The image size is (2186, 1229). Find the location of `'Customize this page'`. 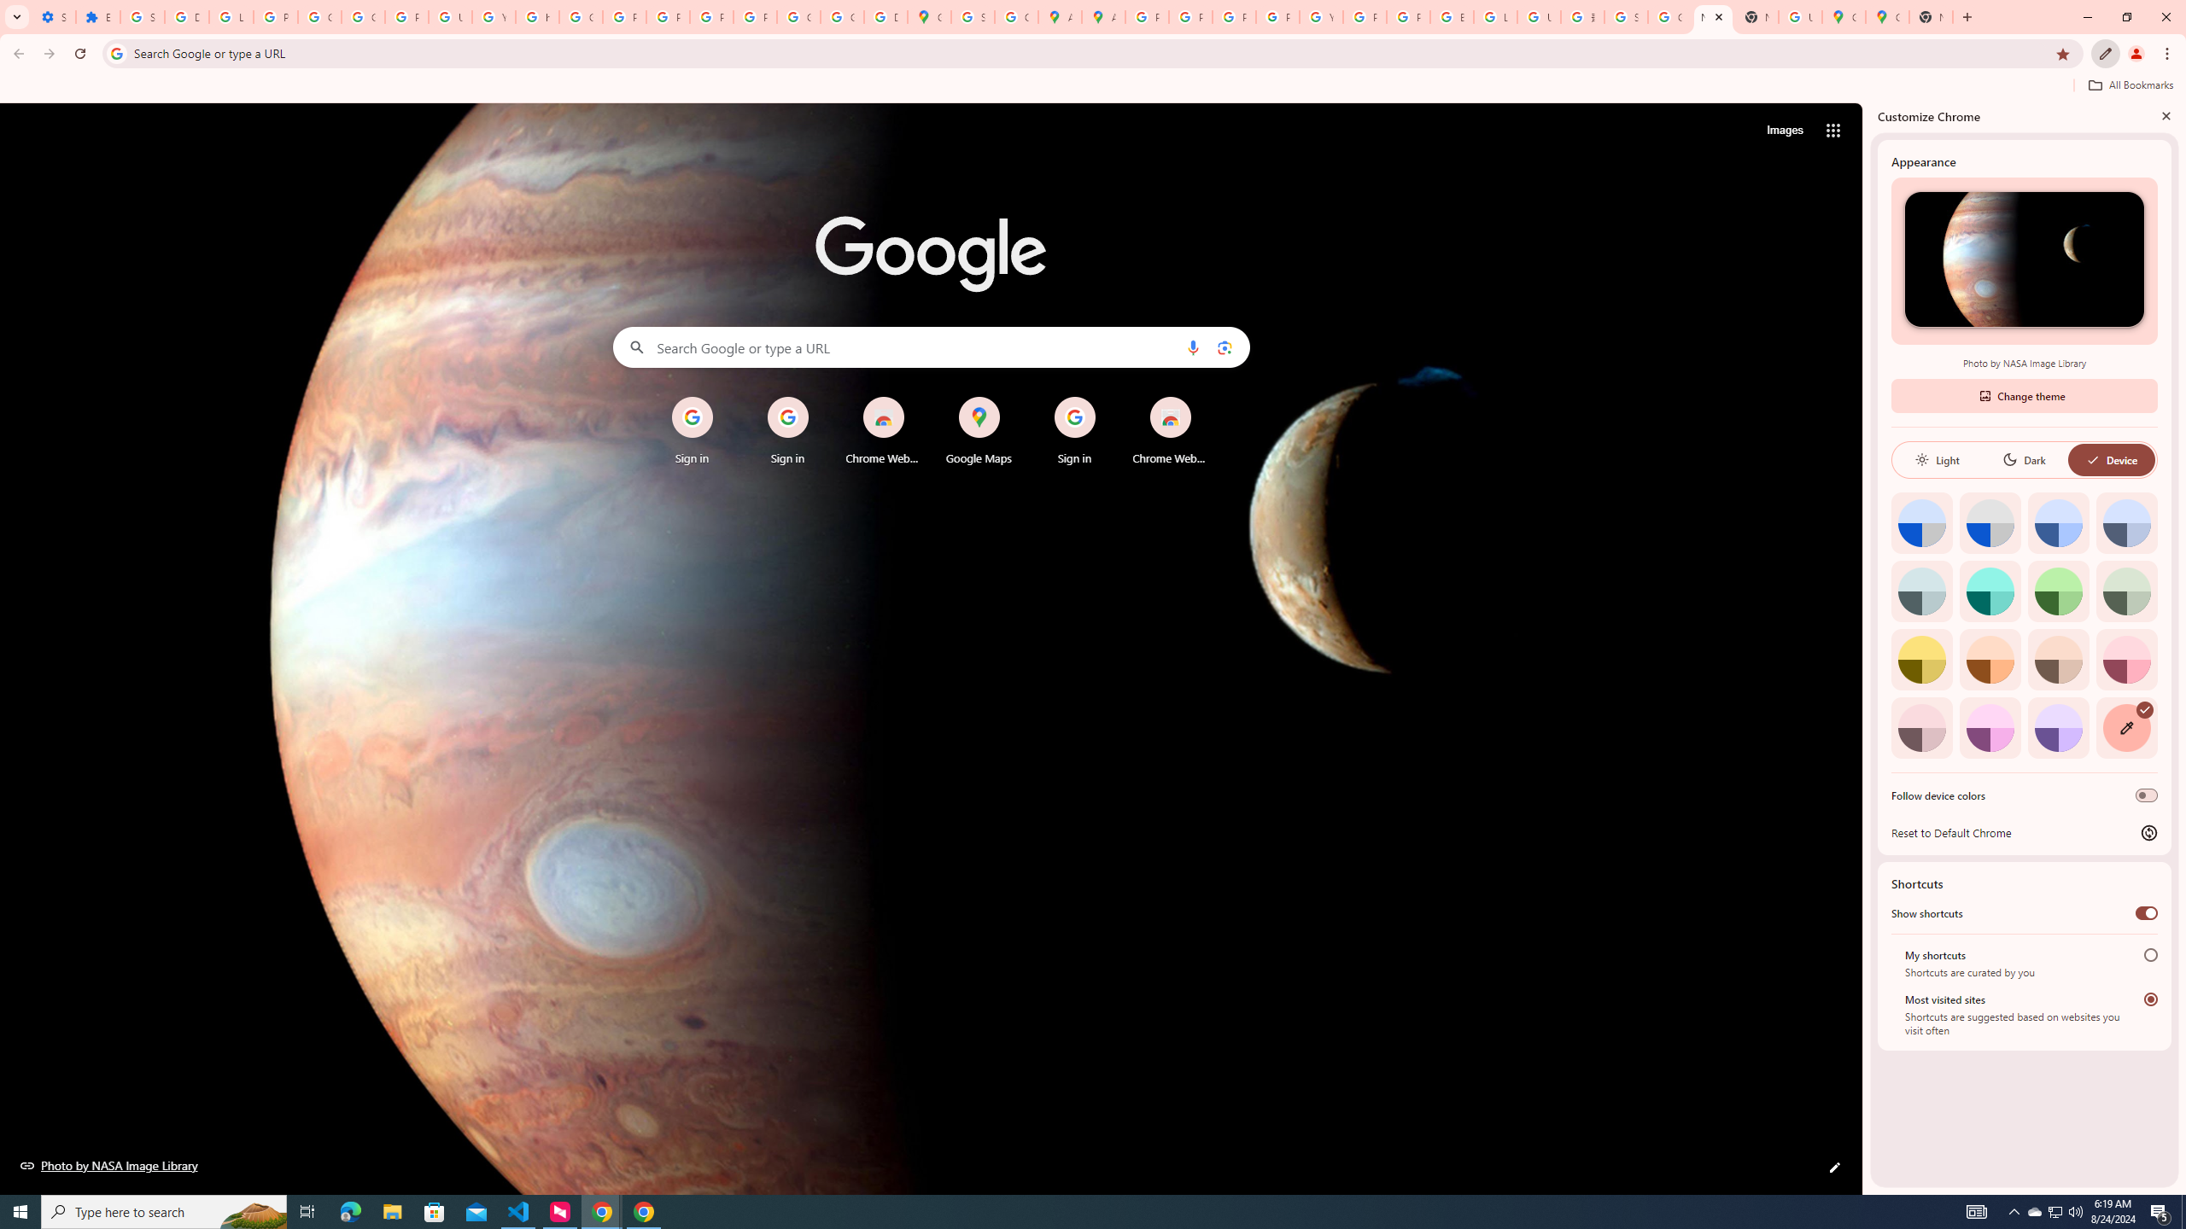

'Customize this page' is located at coordinates (1834, 1167).